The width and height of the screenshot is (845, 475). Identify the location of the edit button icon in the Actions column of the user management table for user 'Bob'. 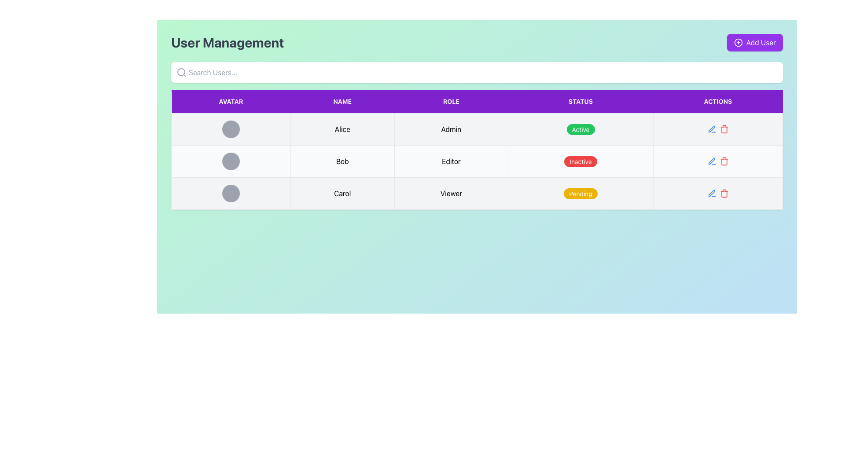
(712, 161).